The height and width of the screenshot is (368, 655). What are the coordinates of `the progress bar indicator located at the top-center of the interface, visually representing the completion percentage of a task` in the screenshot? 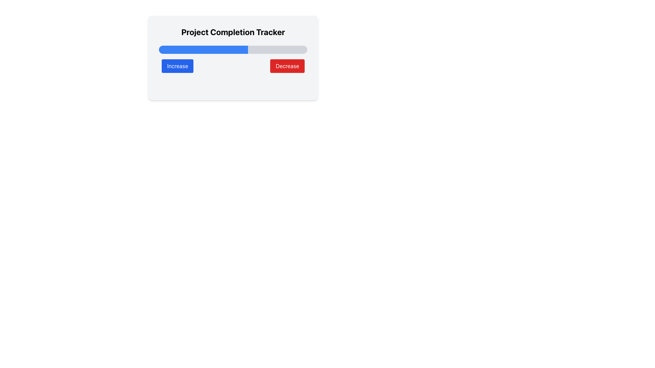 It's located at (203, 49).